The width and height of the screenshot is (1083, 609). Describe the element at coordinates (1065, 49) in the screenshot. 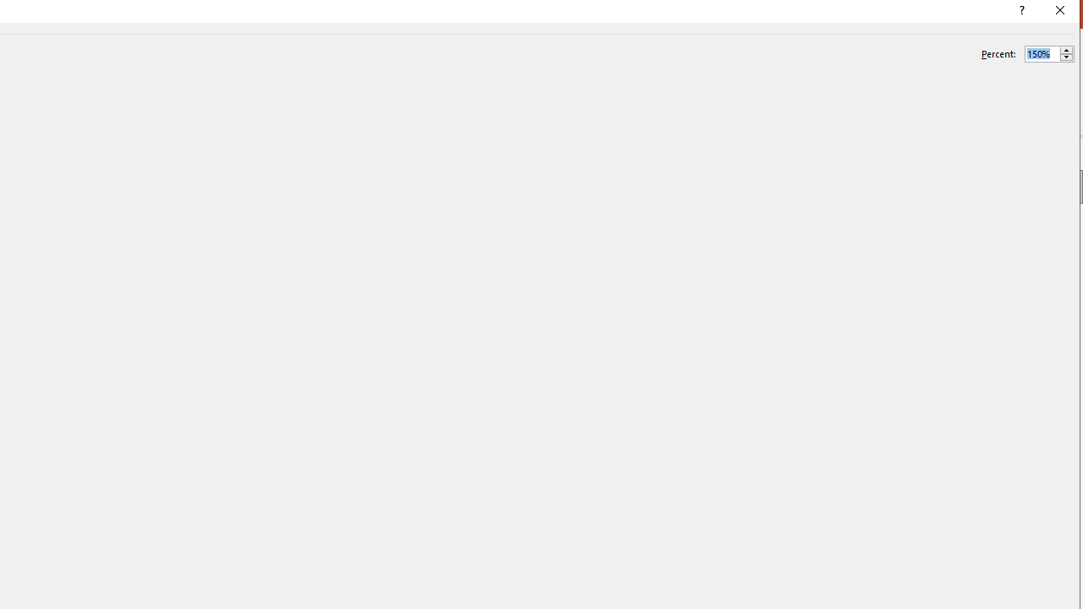

I see `'More'` at that location.